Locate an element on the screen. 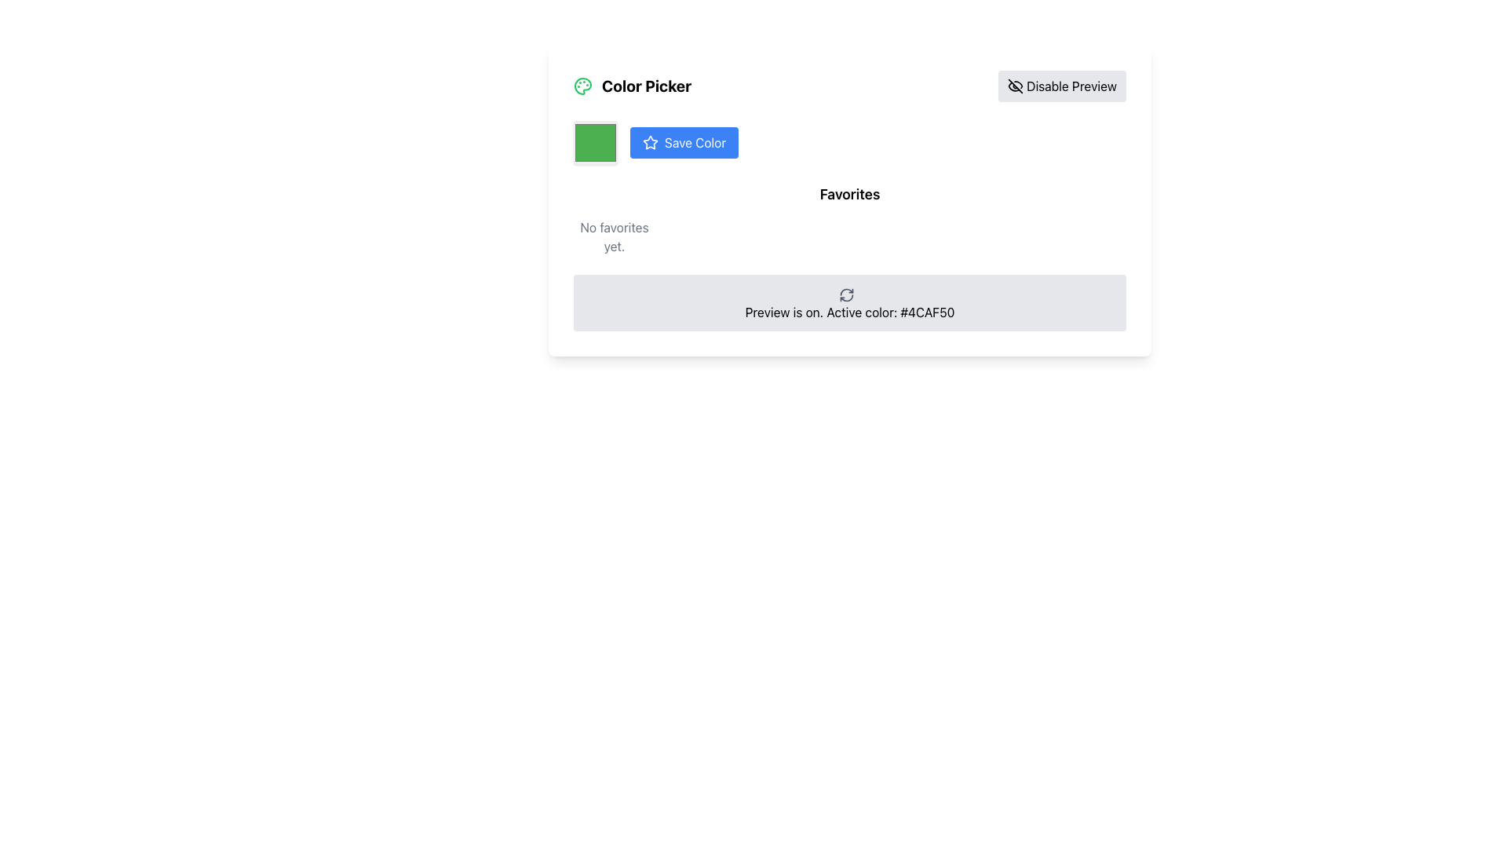  the 'refresh' or 'reload' icon segment, which is part of a circular arrow design and located in the top-left quadrant of the icon is located at coordinates (846, 291).